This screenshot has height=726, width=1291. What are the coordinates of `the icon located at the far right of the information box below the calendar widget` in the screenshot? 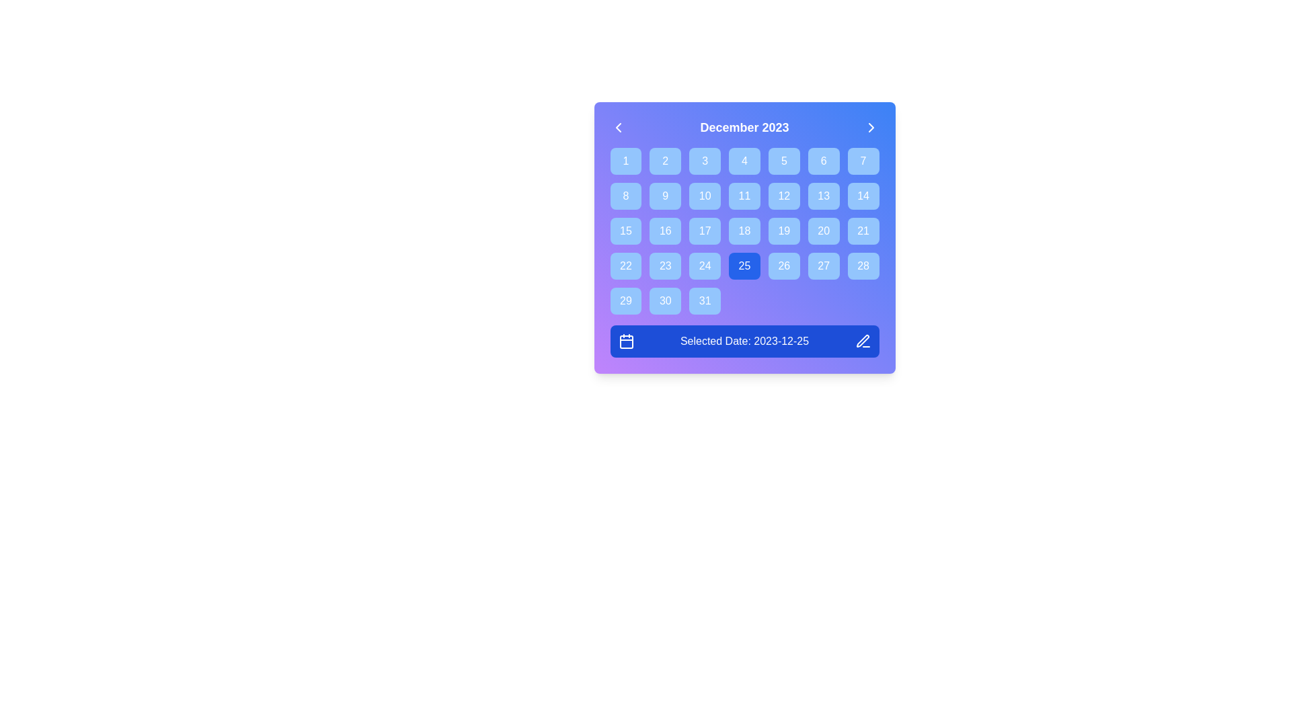 It's located at (863, 341).